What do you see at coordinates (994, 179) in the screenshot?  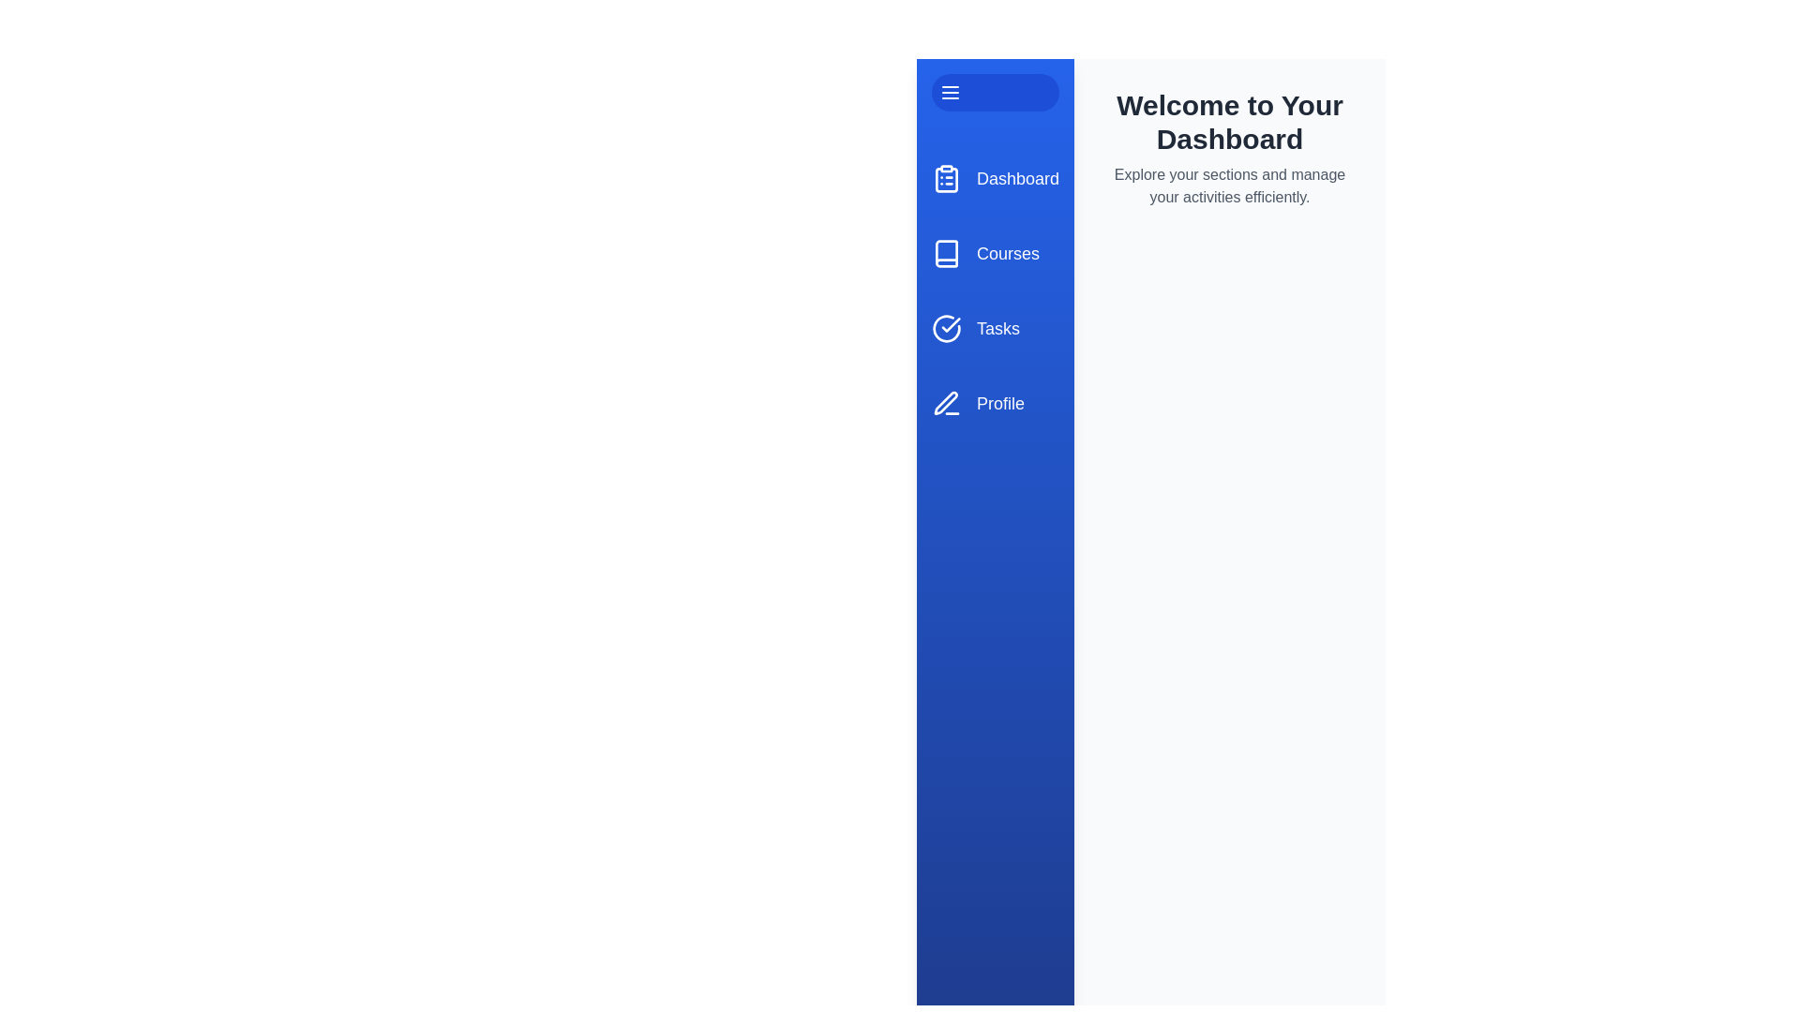 I see `the menu item labeled Dashboard to navigate` at bounding box center [994, 179].